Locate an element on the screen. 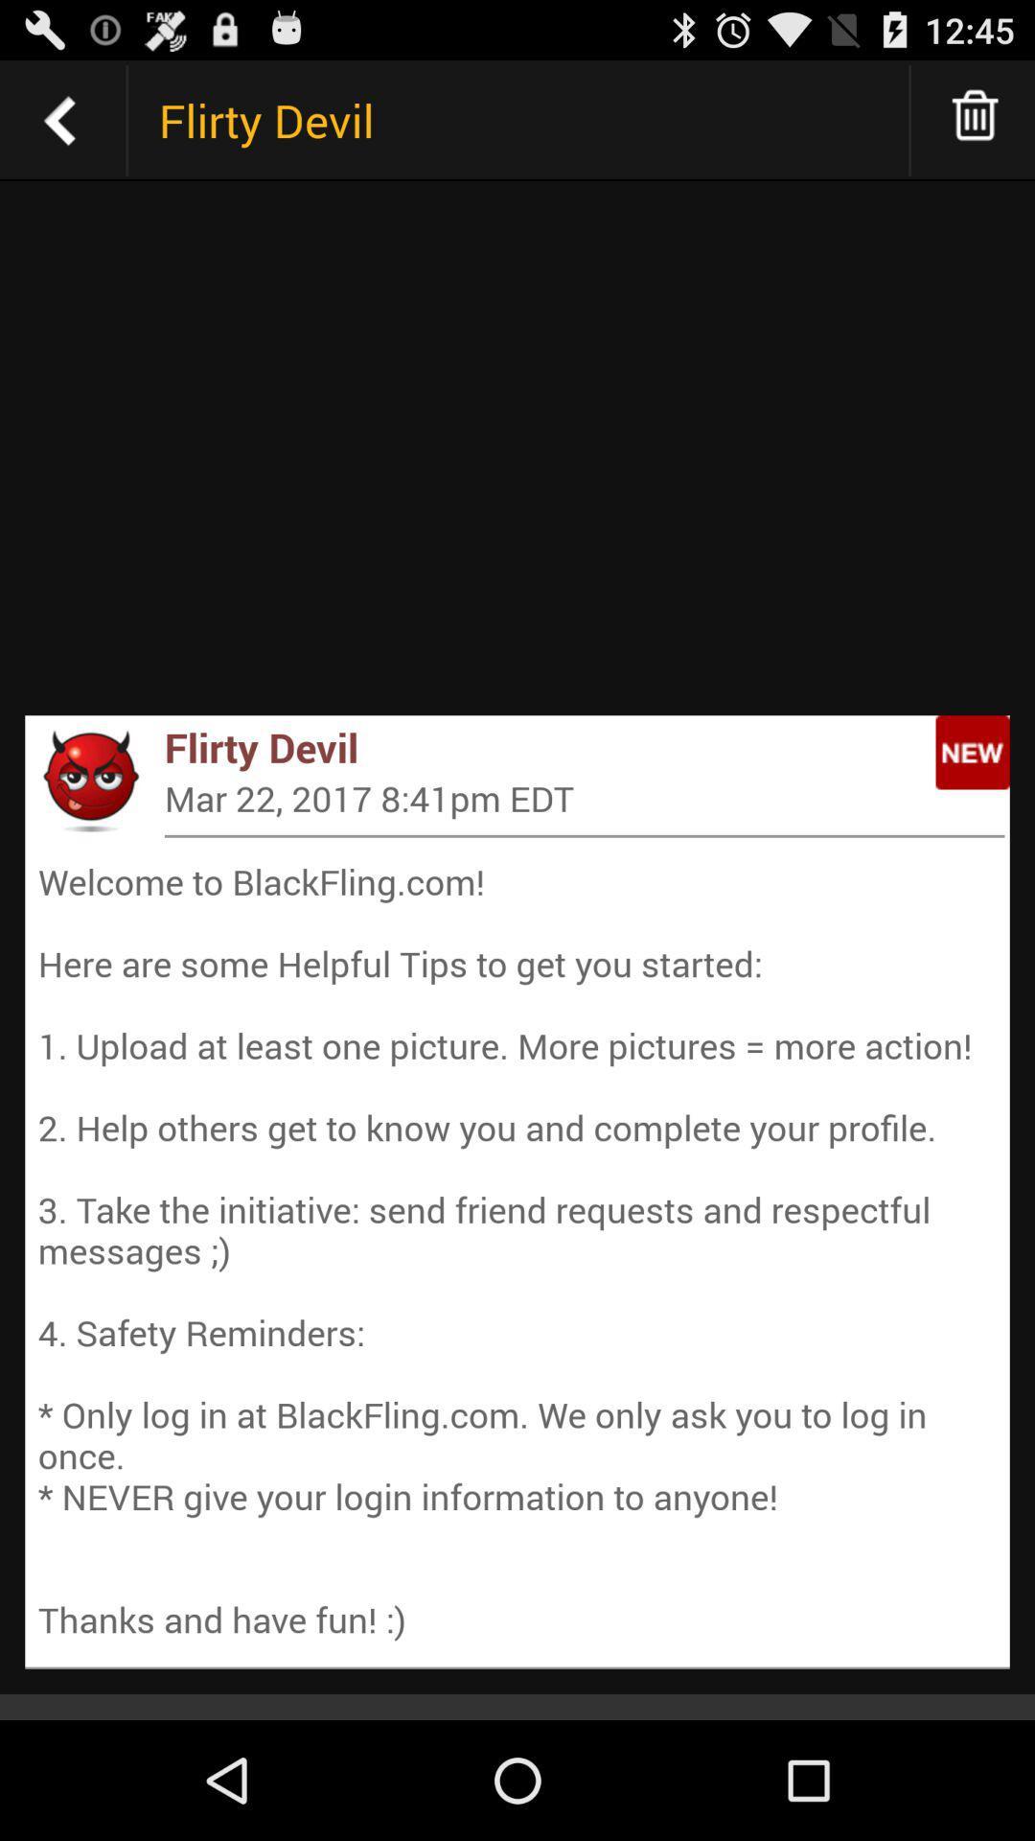 Image resolution: width=1035 pixels, height=1841 pixels. icon to the left of the flirty devil app is located at coordinates (89, 780).